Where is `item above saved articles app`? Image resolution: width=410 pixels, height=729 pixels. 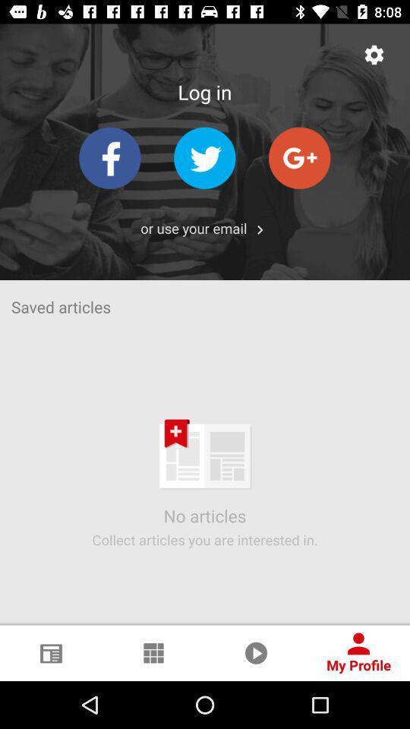 item above saved articles app is located at coordinates (259, 229).